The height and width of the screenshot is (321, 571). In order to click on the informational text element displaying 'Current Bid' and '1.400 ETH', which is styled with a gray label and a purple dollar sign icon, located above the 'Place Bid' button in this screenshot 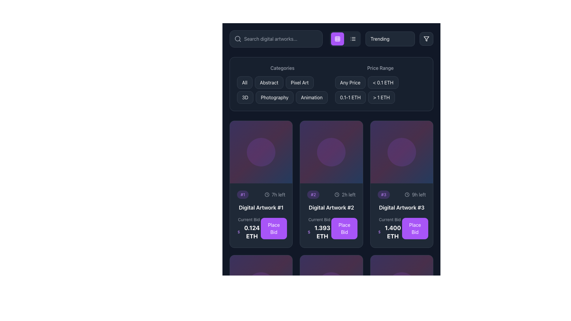, I will do `click(390, 228)`.